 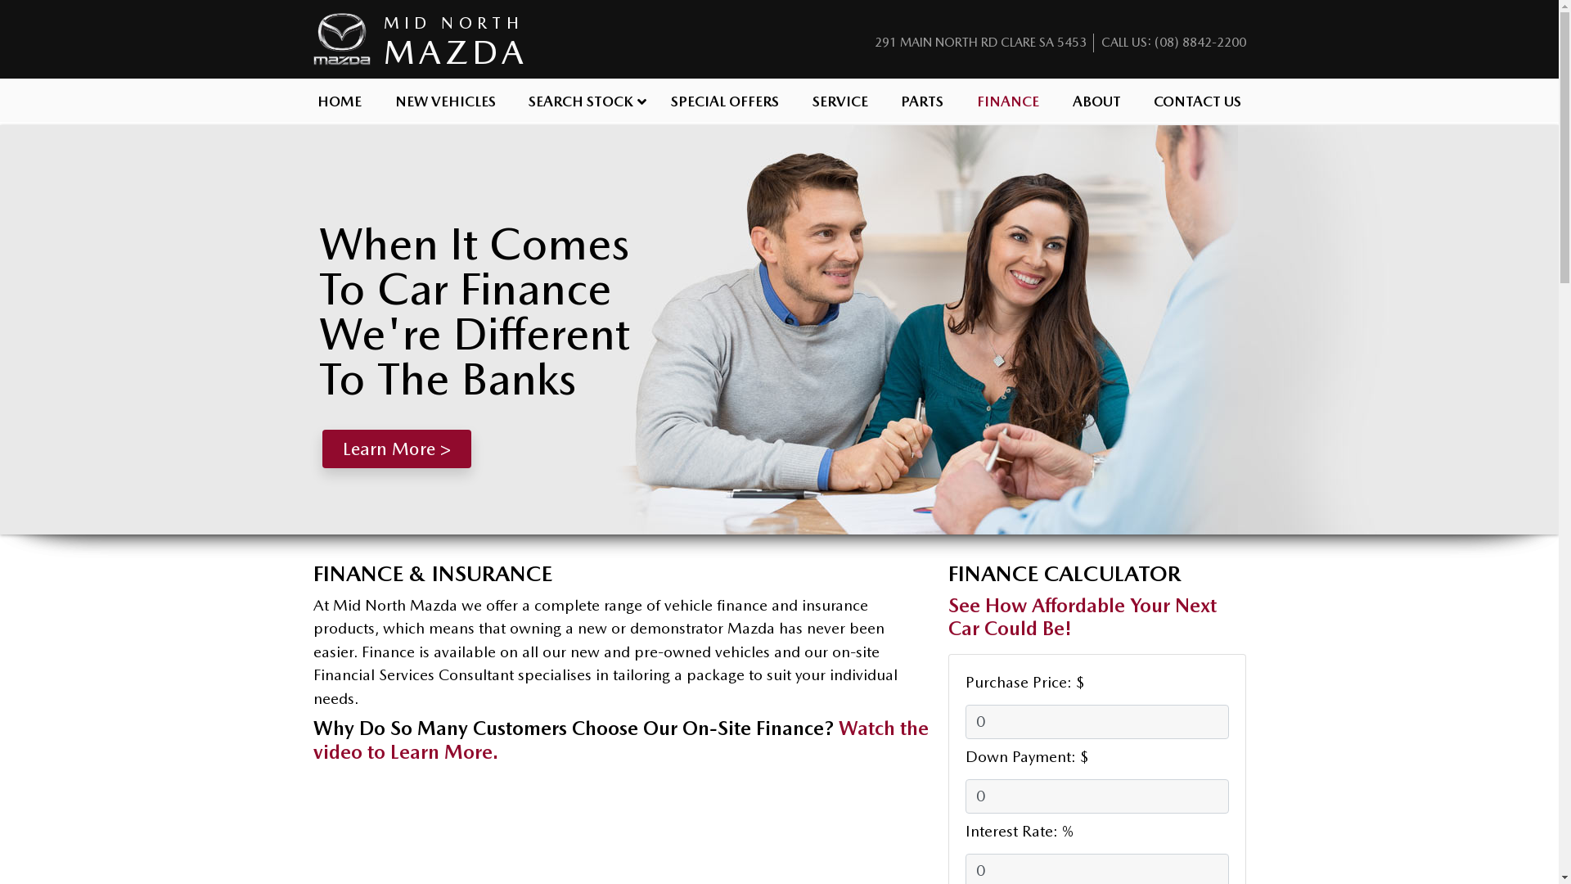 What do you see at coordinates (1007, 100) in the screenshot?
I see `'FINANCE'` at bounding box center [1007, 100].